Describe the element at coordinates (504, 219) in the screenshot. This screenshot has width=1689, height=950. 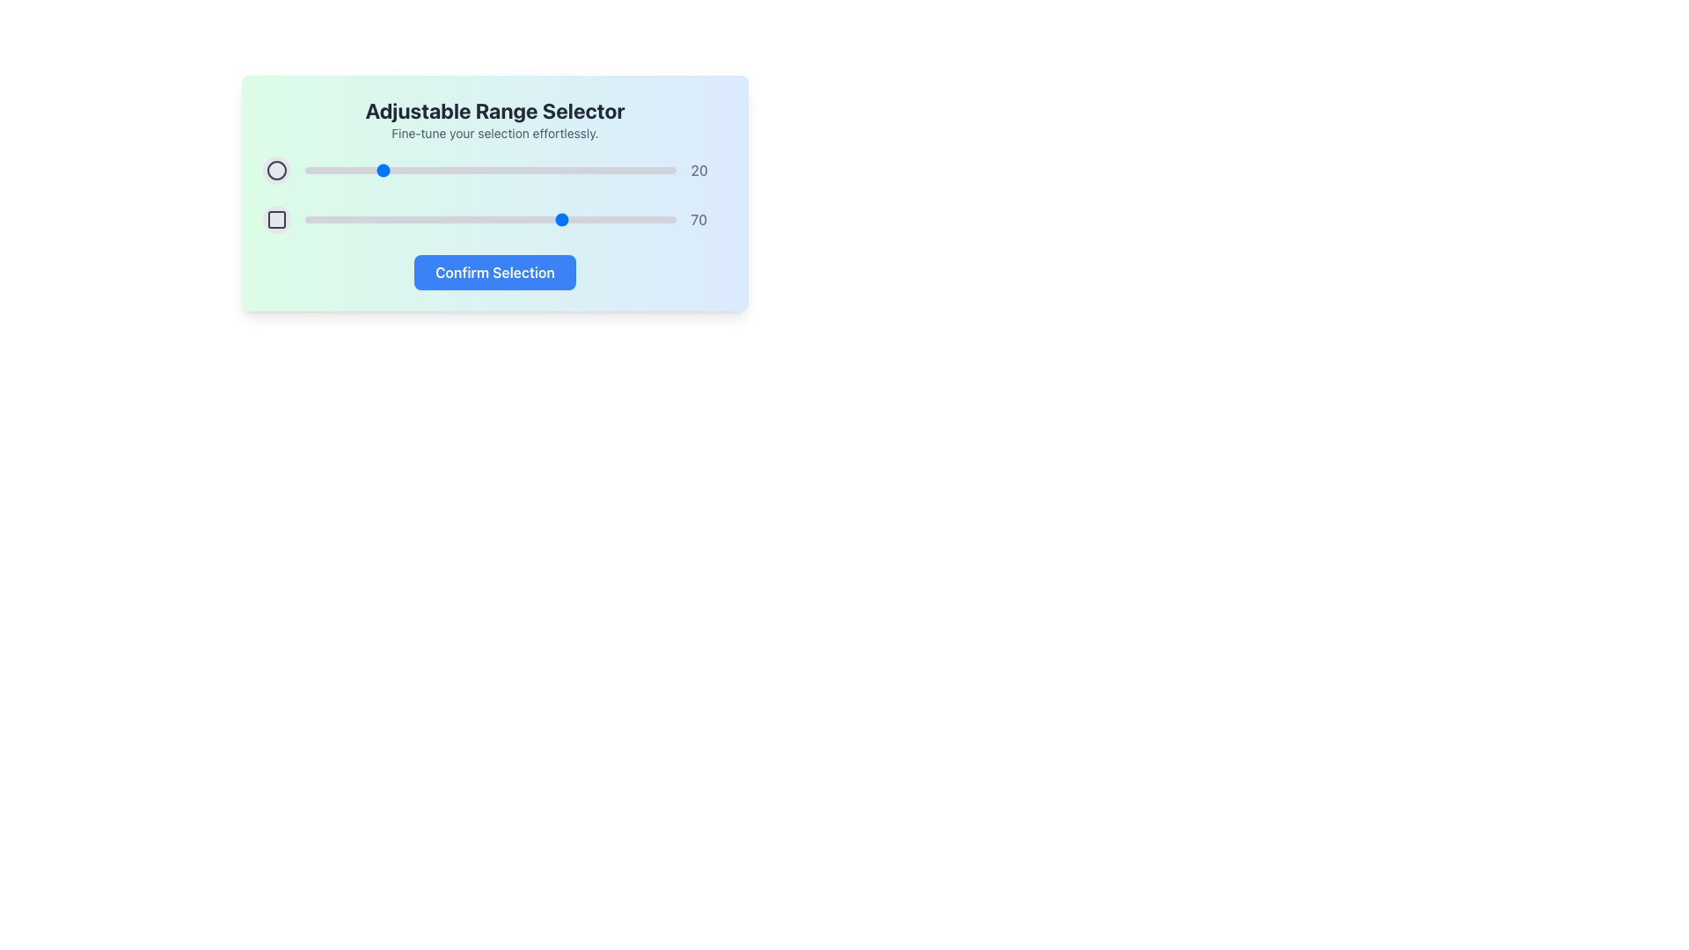
I see `the slider` at that location.